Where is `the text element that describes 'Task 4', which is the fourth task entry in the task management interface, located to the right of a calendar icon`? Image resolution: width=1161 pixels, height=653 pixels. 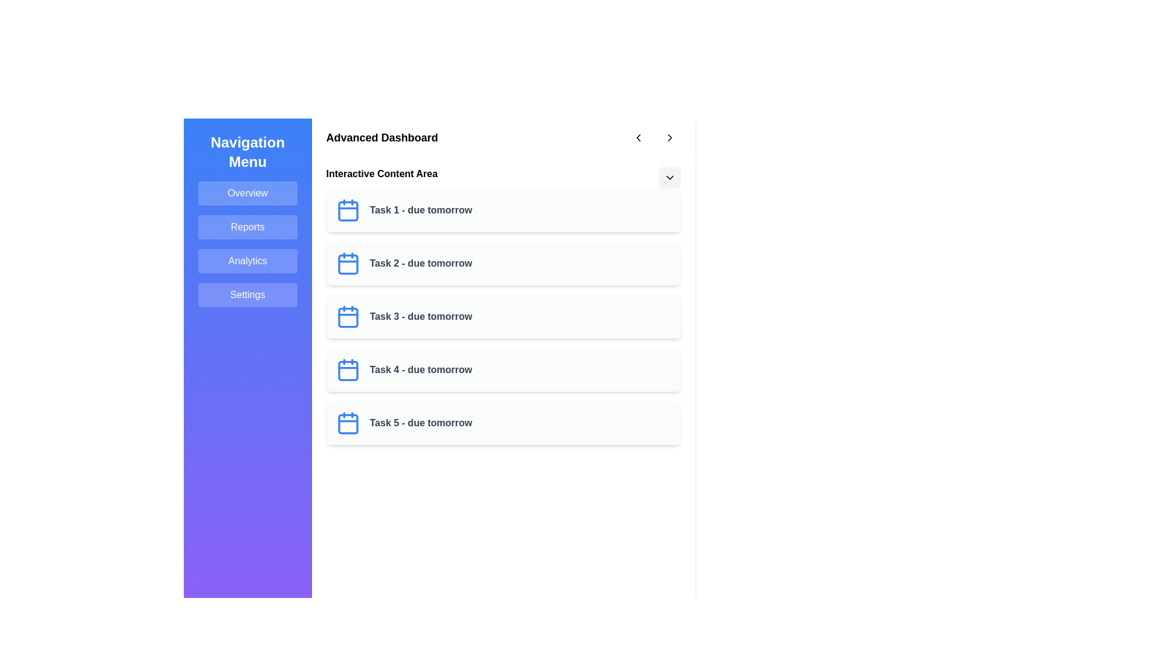
the text element that describes 'Task 4', which is the fourth task entry in the task management interface, located to the right of a calendar icon is located at coordinates (421, 369).